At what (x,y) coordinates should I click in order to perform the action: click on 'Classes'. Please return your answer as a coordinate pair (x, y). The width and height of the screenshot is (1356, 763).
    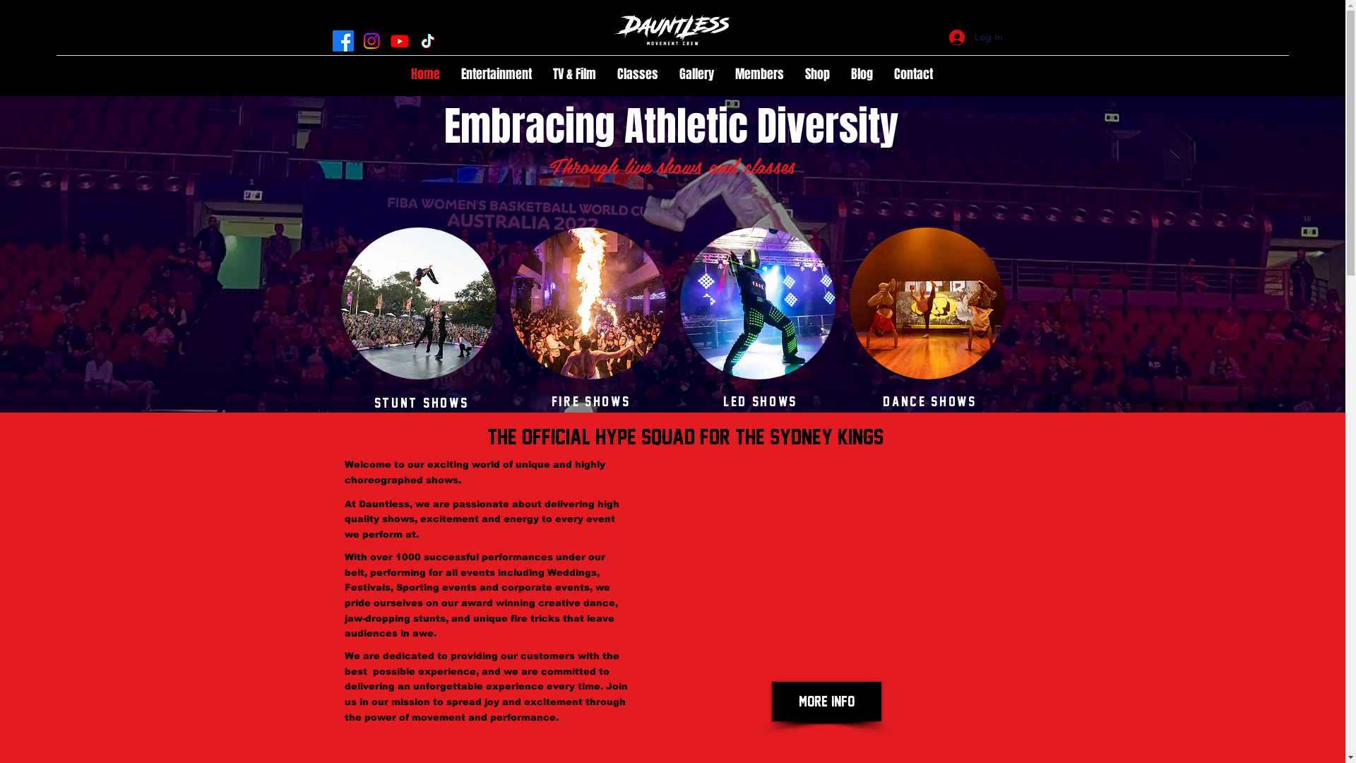
    Looking at the image, I should click on (636, 74).